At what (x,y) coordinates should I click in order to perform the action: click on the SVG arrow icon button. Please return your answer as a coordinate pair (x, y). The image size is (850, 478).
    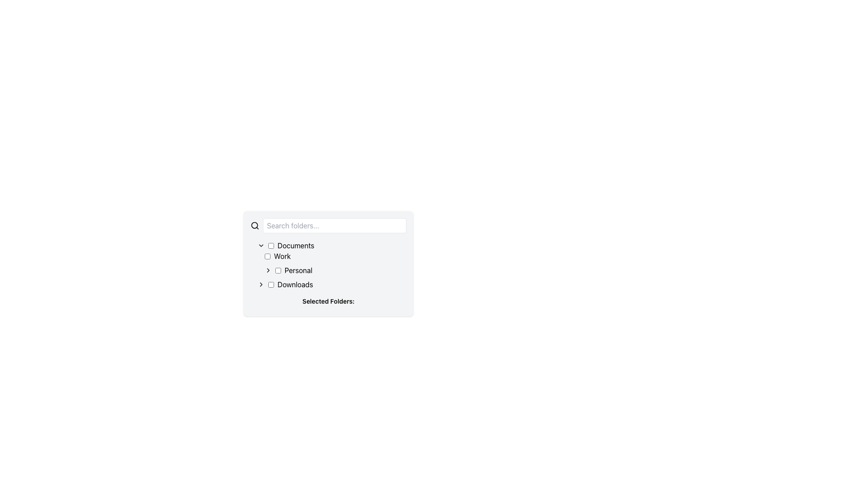
    Looking at the image, I should click on (267, 270).